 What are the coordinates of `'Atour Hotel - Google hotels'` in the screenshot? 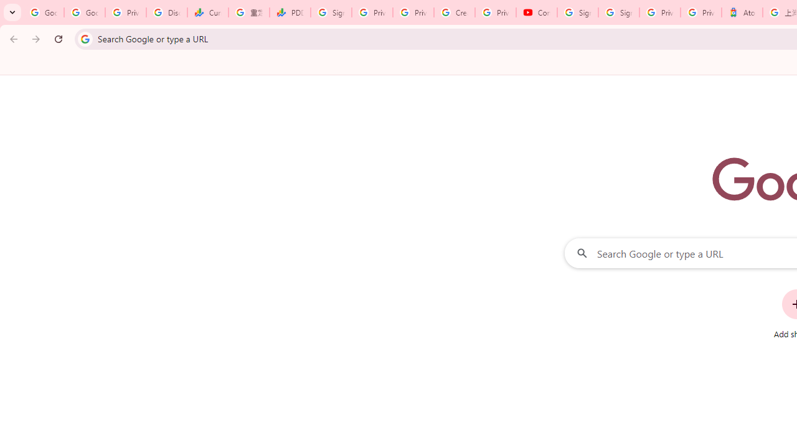 It's located at (742, 12).